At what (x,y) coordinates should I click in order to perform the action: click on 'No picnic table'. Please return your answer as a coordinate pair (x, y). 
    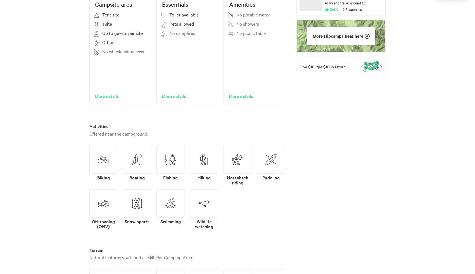
    Looking at the image, I should click on (251, 33).